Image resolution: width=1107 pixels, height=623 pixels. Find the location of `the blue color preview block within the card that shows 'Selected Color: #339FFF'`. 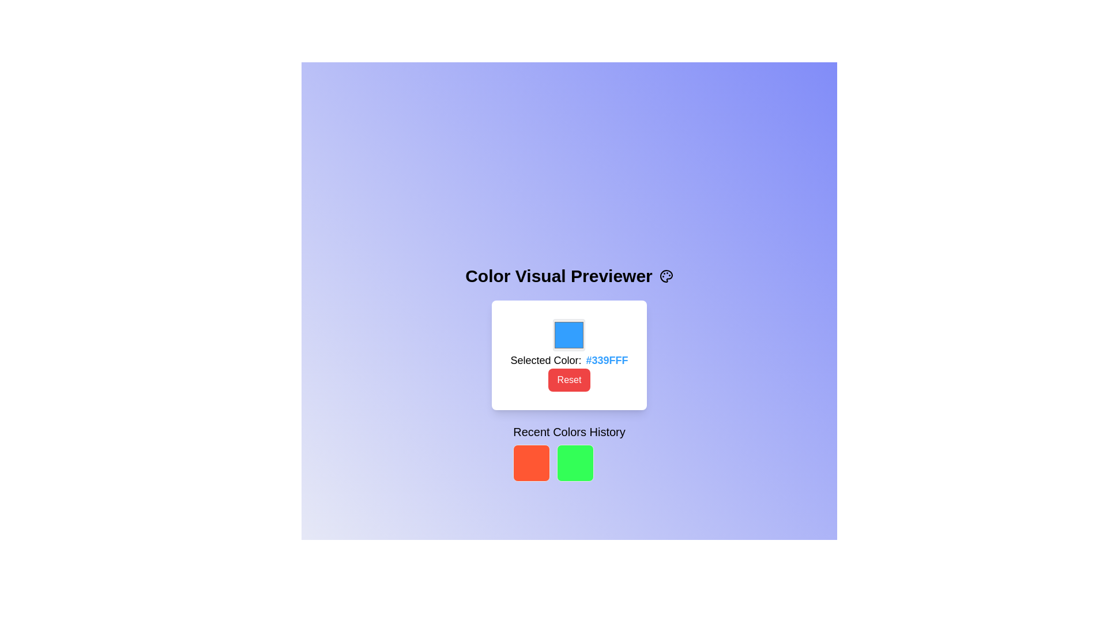

the blue color preview block within the card that shows 'Selected Color: #339FFF' is located at coordinates (569, 355).